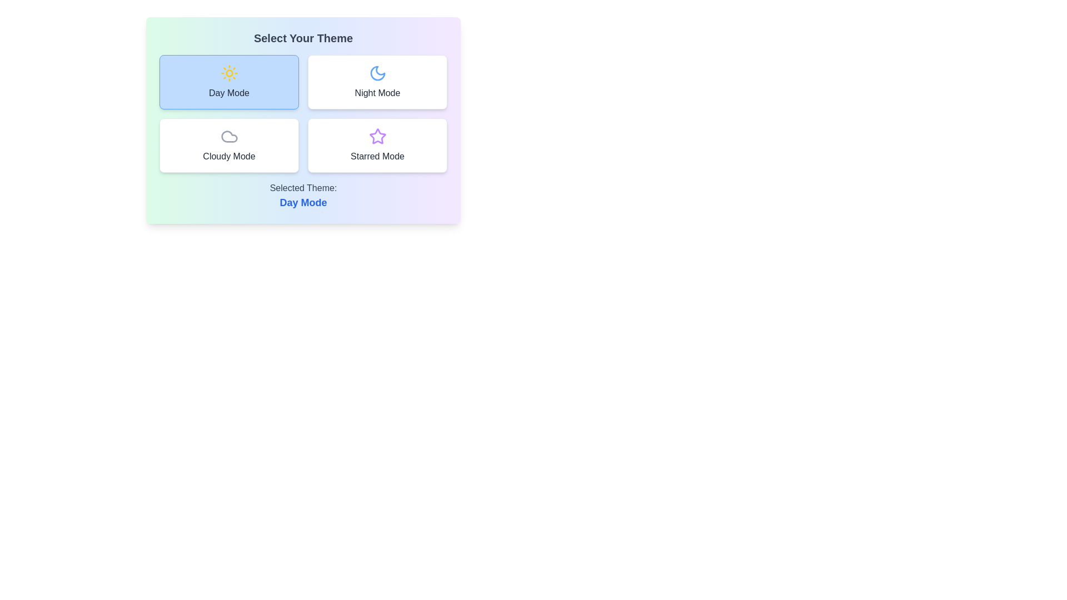  Describe the element at coordinates (377, 145) in the screenshot. I see `the button corresponding to Starred Mode theme to observe its hover effect` at that location.